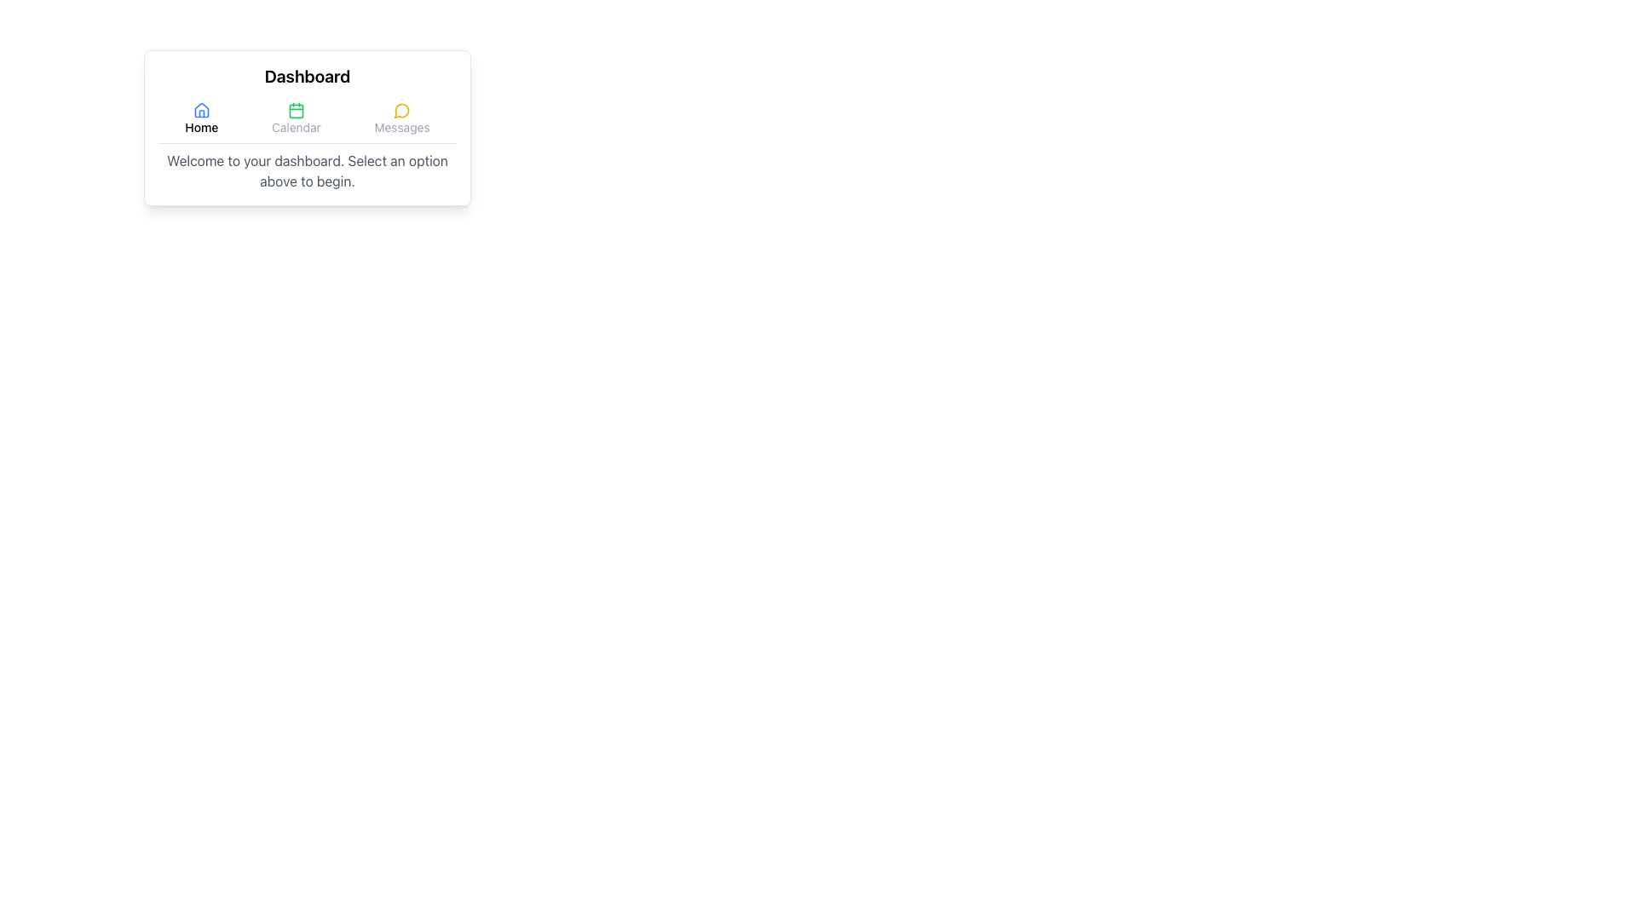 The image size is (1636, 920). What do you see at coordinates (201, 110) in the screenshot?
I see `the blue outlined triangular roof structure of the house icon located in the 'Home' section of the dashboard interface` at bounding box center [201, 110].